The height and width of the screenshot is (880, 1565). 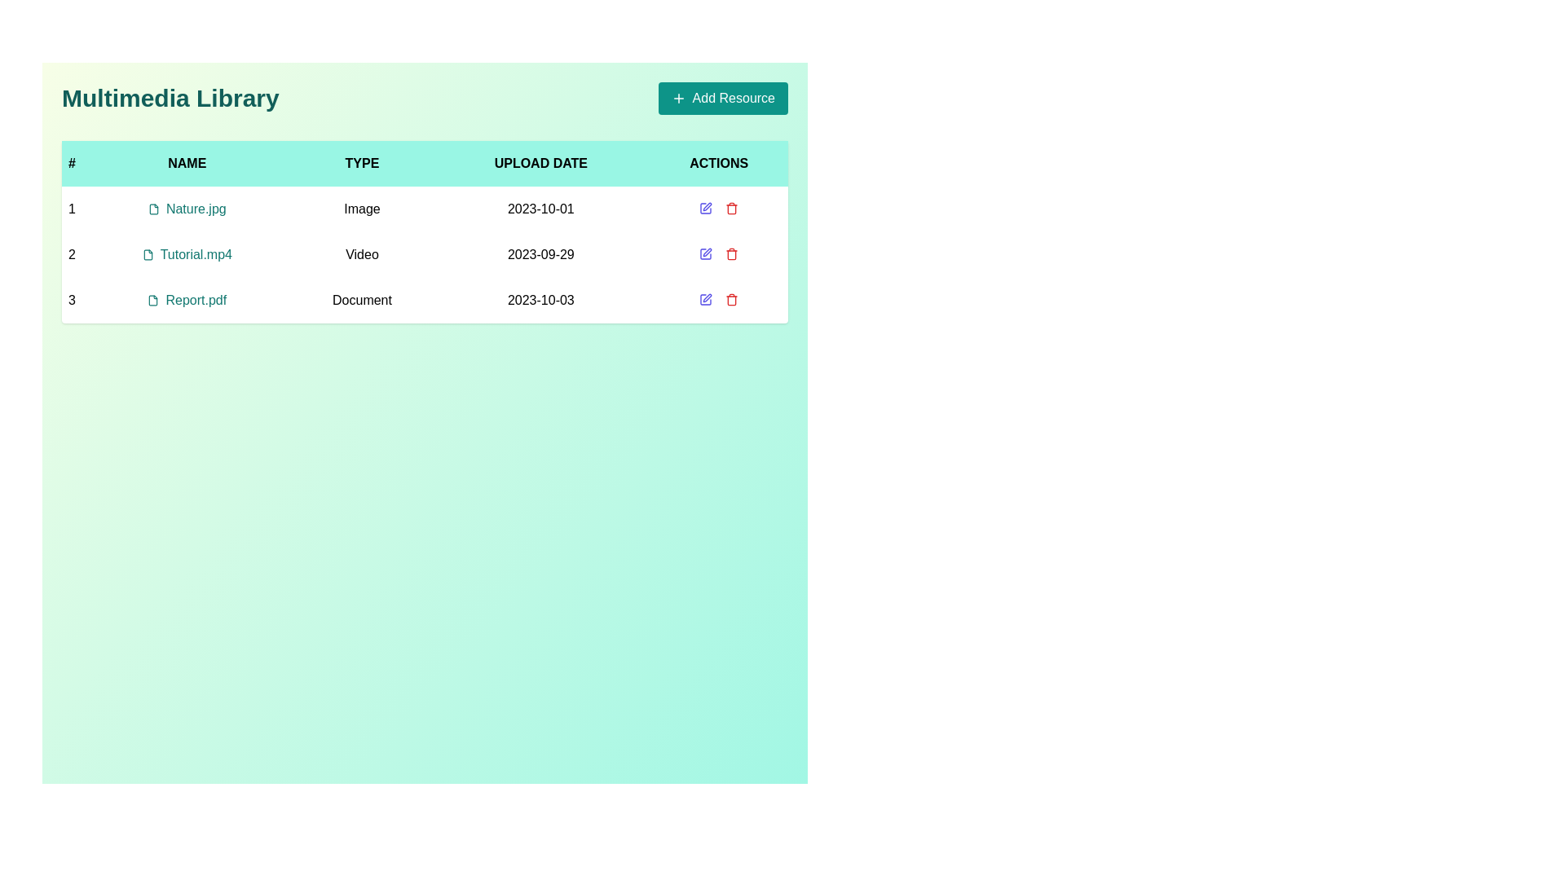 What do you see at coordinates (678, 98) in the screenshot?
I see `the teal-colored 'Add Resource' button containing the plus-shaped icon positioned to the left of the text label` at bounding box center [678, 98].